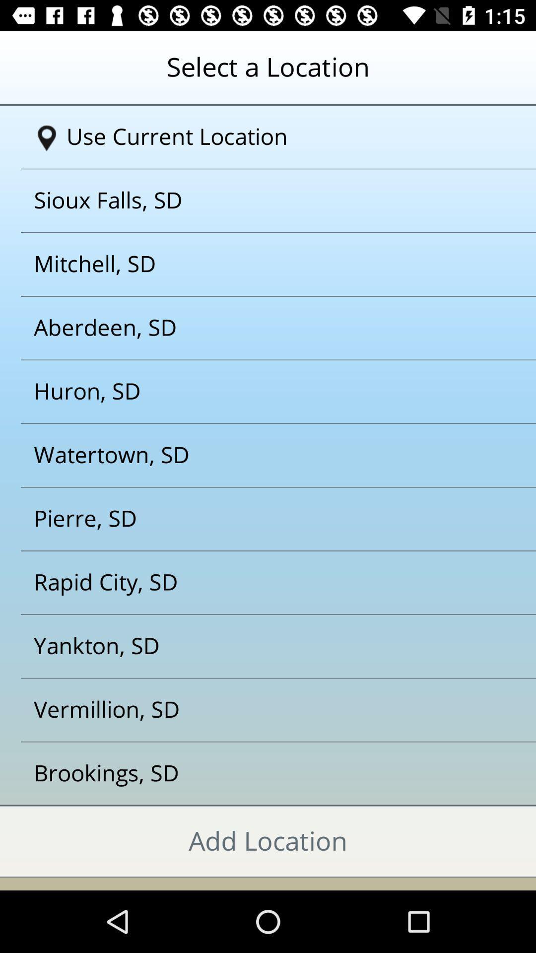  Describe the element at coordinates (255, 773) in the screenshot. I see `it is clickable` at that location.